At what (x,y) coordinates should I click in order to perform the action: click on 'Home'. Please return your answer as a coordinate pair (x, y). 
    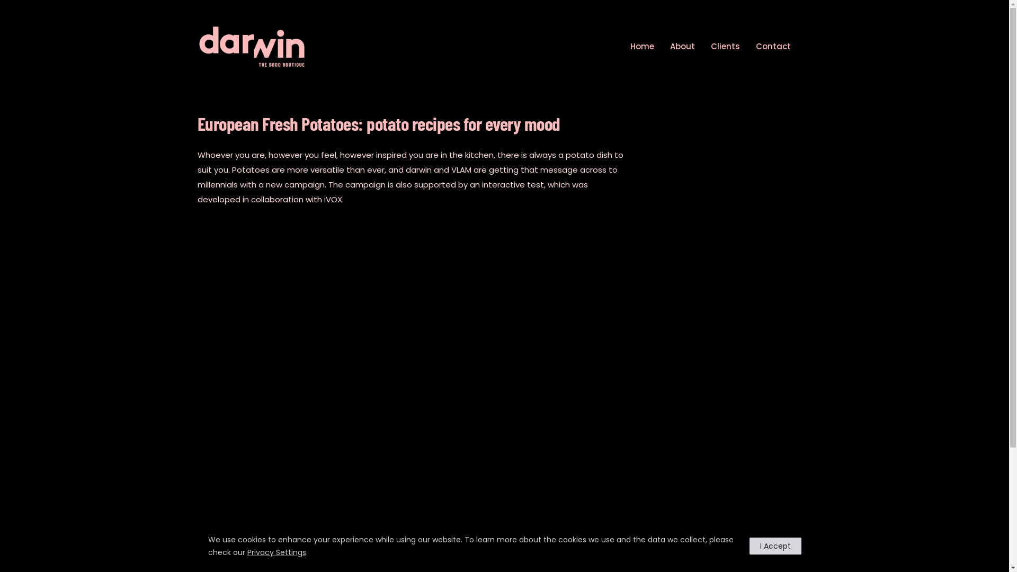
    Looking at the image, I should click on (625, 46).